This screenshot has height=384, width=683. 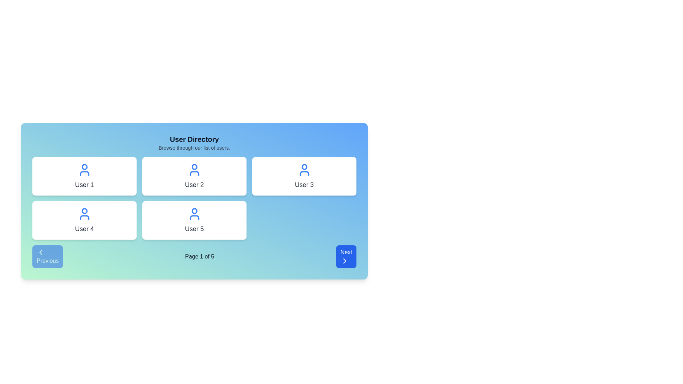 I want to click on the Text Label that displays the user's name or identifier, located in the second row, third column of the user cards layout, directly below the user icon, so click(x=194, y=229).